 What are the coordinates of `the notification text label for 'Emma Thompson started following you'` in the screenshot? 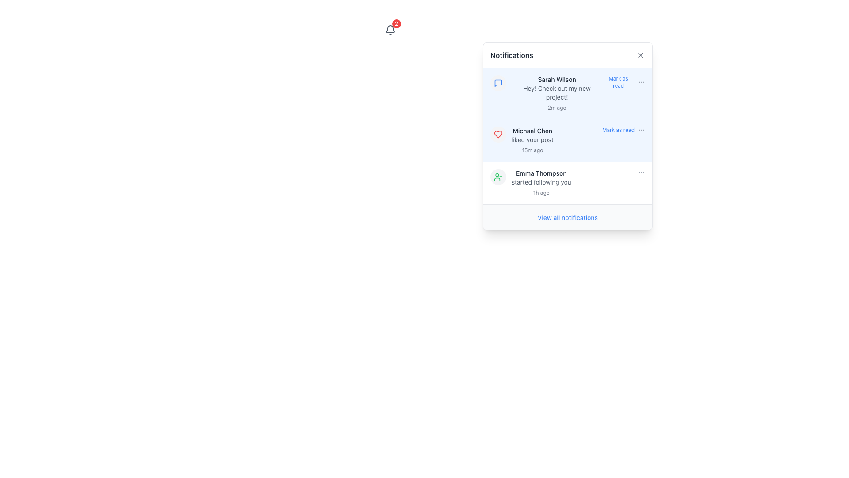 It's located at (541, 182).